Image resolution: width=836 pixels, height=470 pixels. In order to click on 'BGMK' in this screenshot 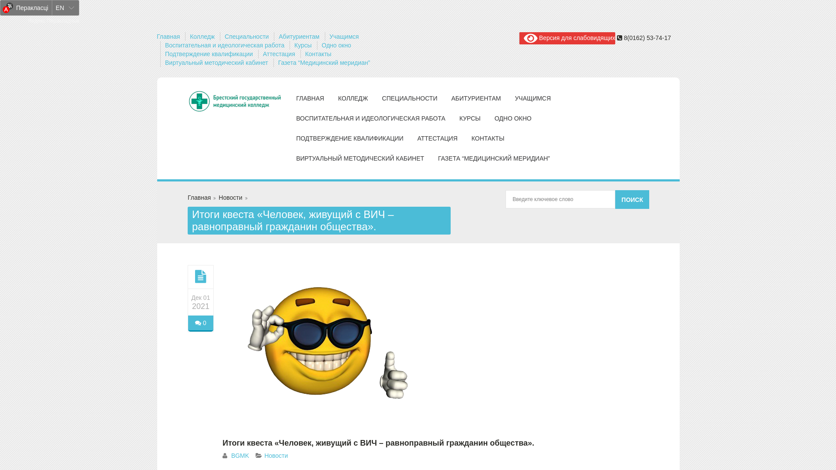, I will do `click(240, 455)`.